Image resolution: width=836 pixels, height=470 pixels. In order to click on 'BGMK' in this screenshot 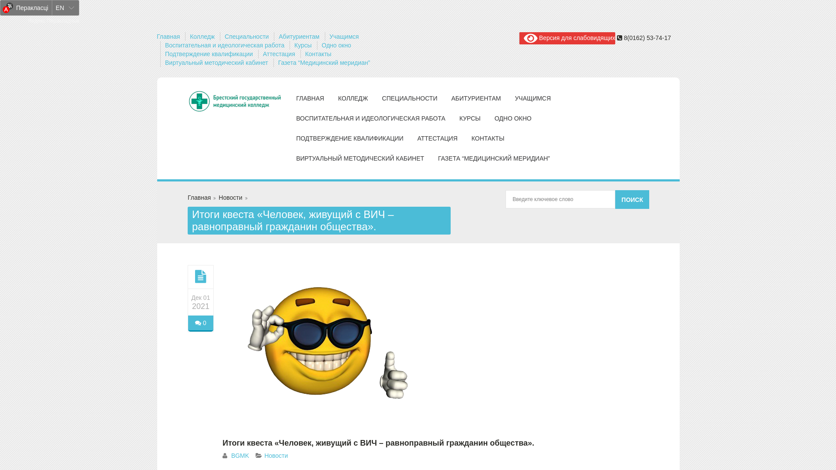, I will do `click(240, 455)`.